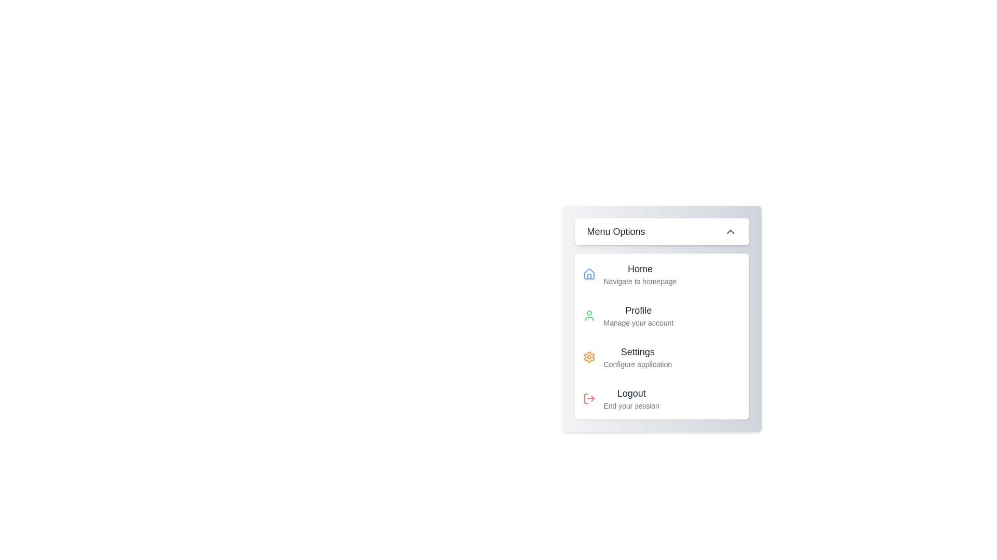 Image resolution: width=997 pixels, height=560 pixels. Describe the element at coordinates (640, 282) in the screenshot. I see `the static label providing additional context or guidance about the 'Home' option, located under the 'Menu Options' header` at that location.